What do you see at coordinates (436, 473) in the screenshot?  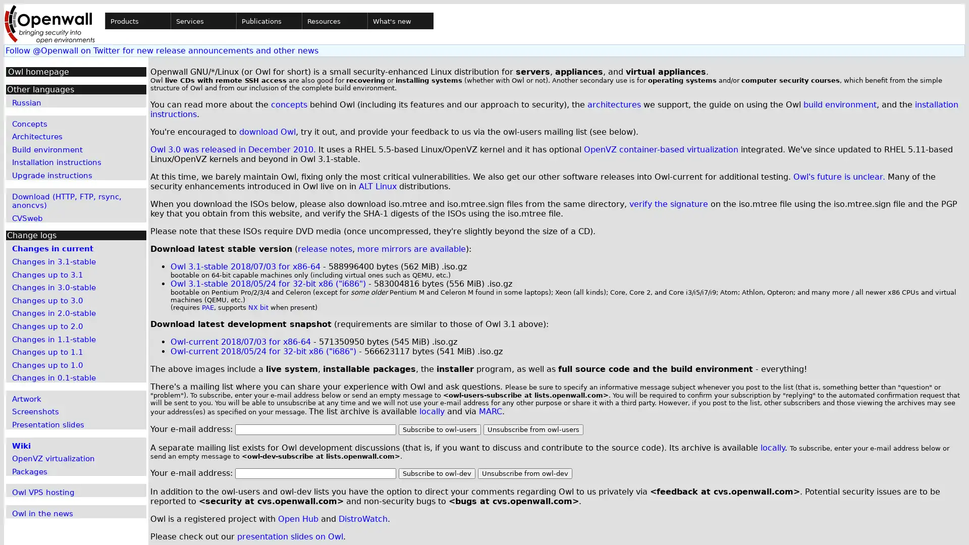 I see `Subscribe to owl-dev` at bounding box center [436, 473].